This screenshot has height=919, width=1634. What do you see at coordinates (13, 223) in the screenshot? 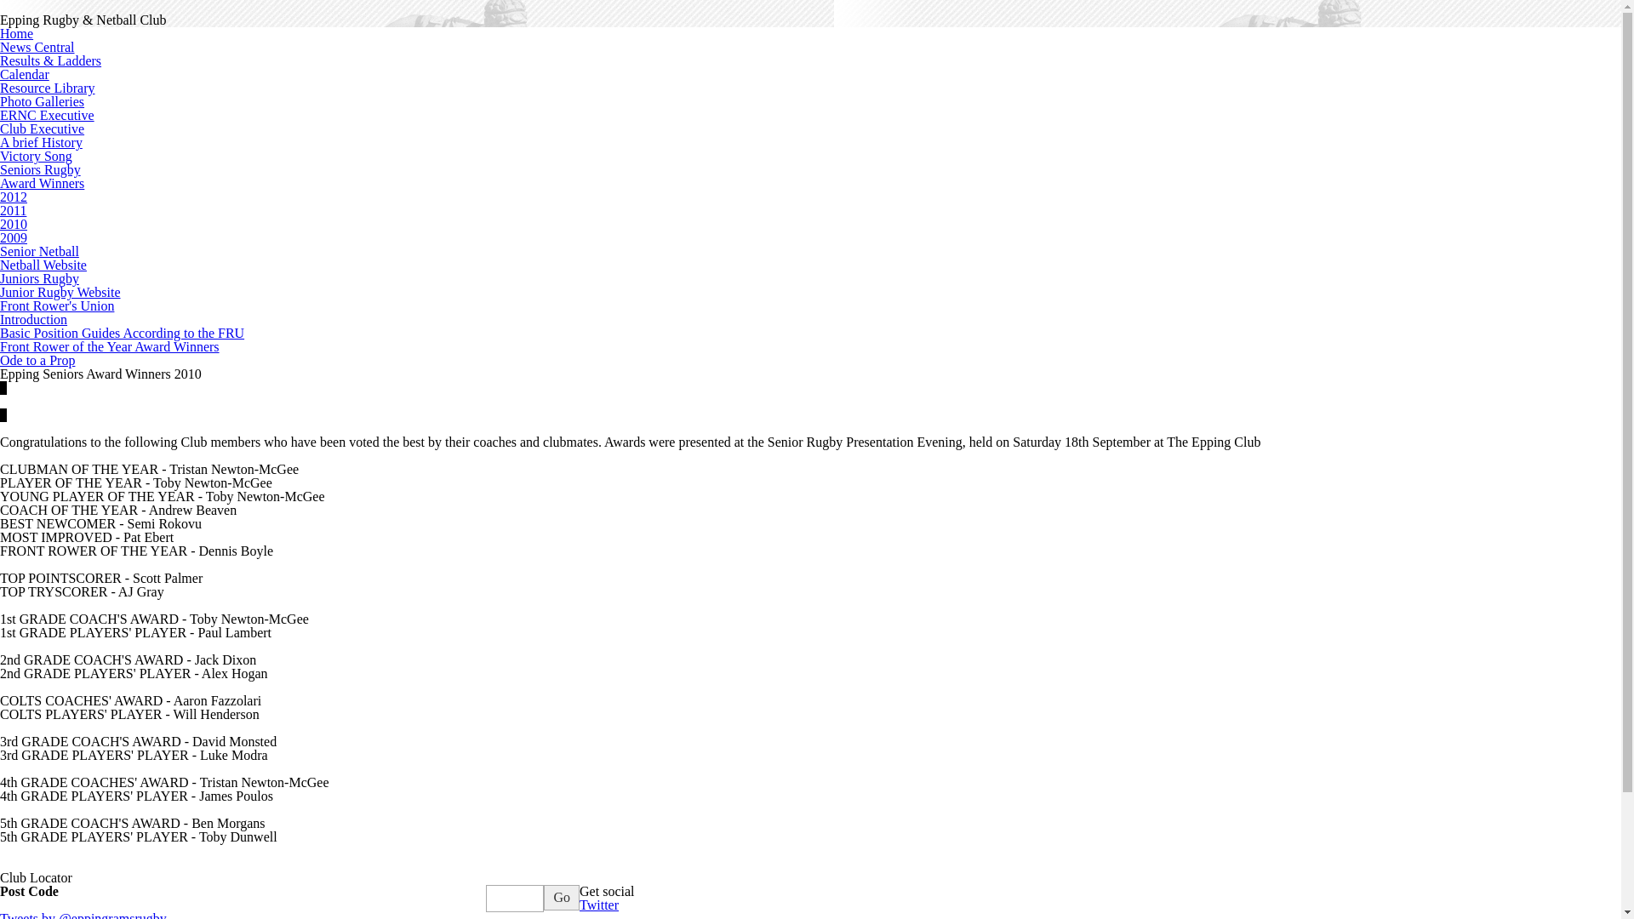
I see `'2010'` at bounding box center [13, 223].